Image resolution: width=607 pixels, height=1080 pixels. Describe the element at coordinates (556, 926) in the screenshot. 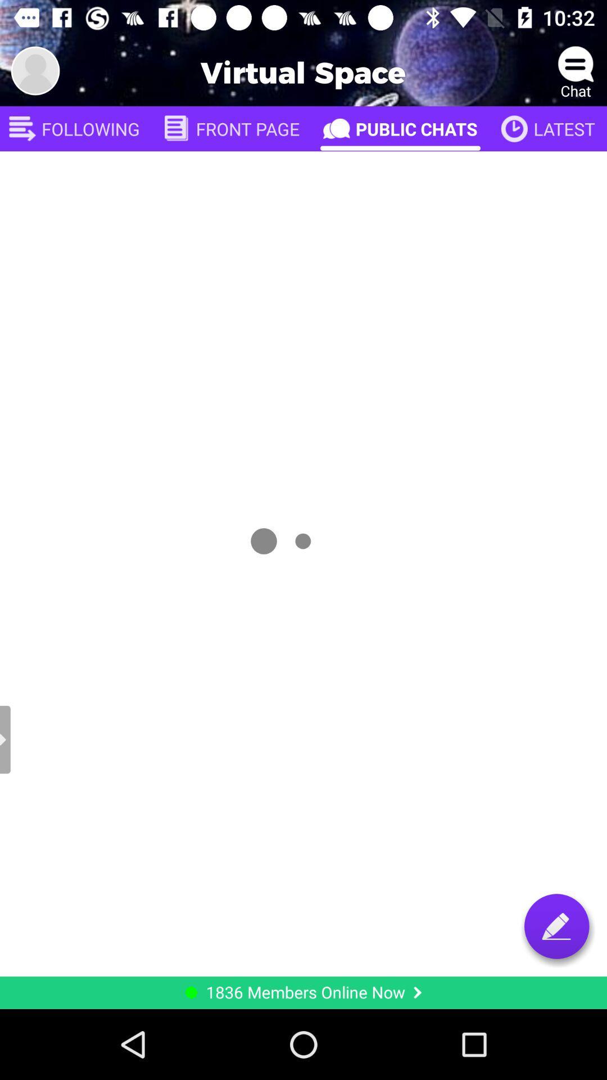

I see `write something` at that location.